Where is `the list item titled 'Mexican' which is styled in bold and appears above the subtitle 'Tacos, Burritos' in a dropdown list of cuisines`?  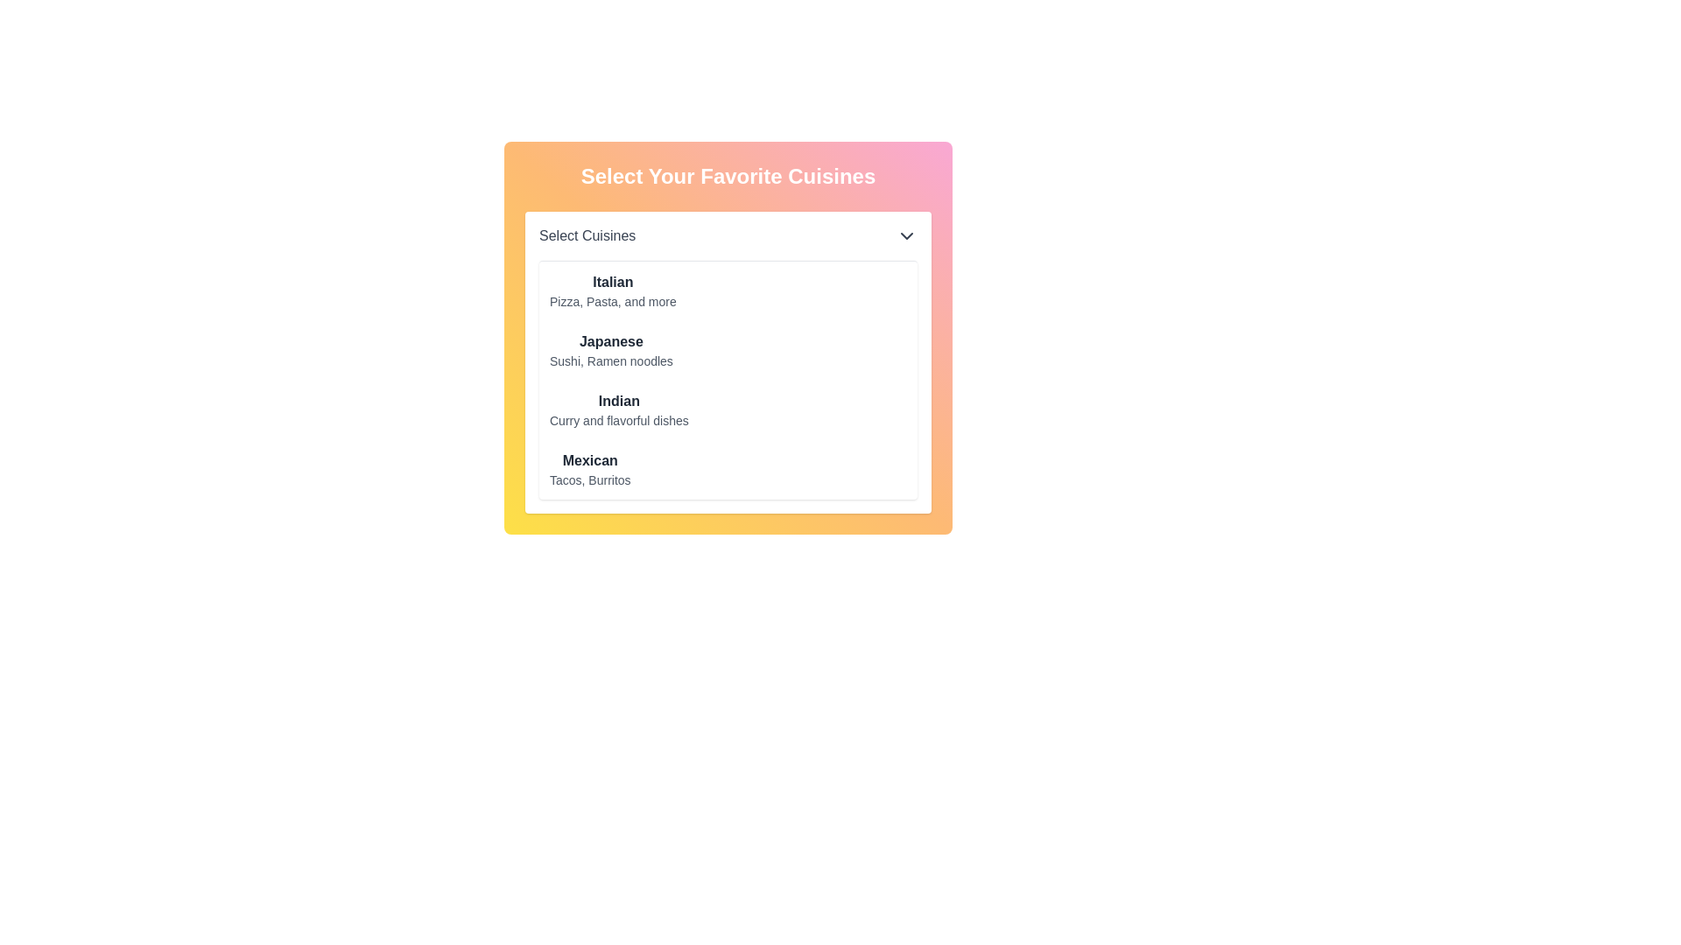
the list item titled 'Mexican' which is styled in bold and appears above the subtitle 'Tacos, Burritos' in a dropdown list of cuisines is located at coordinates (590, 468).